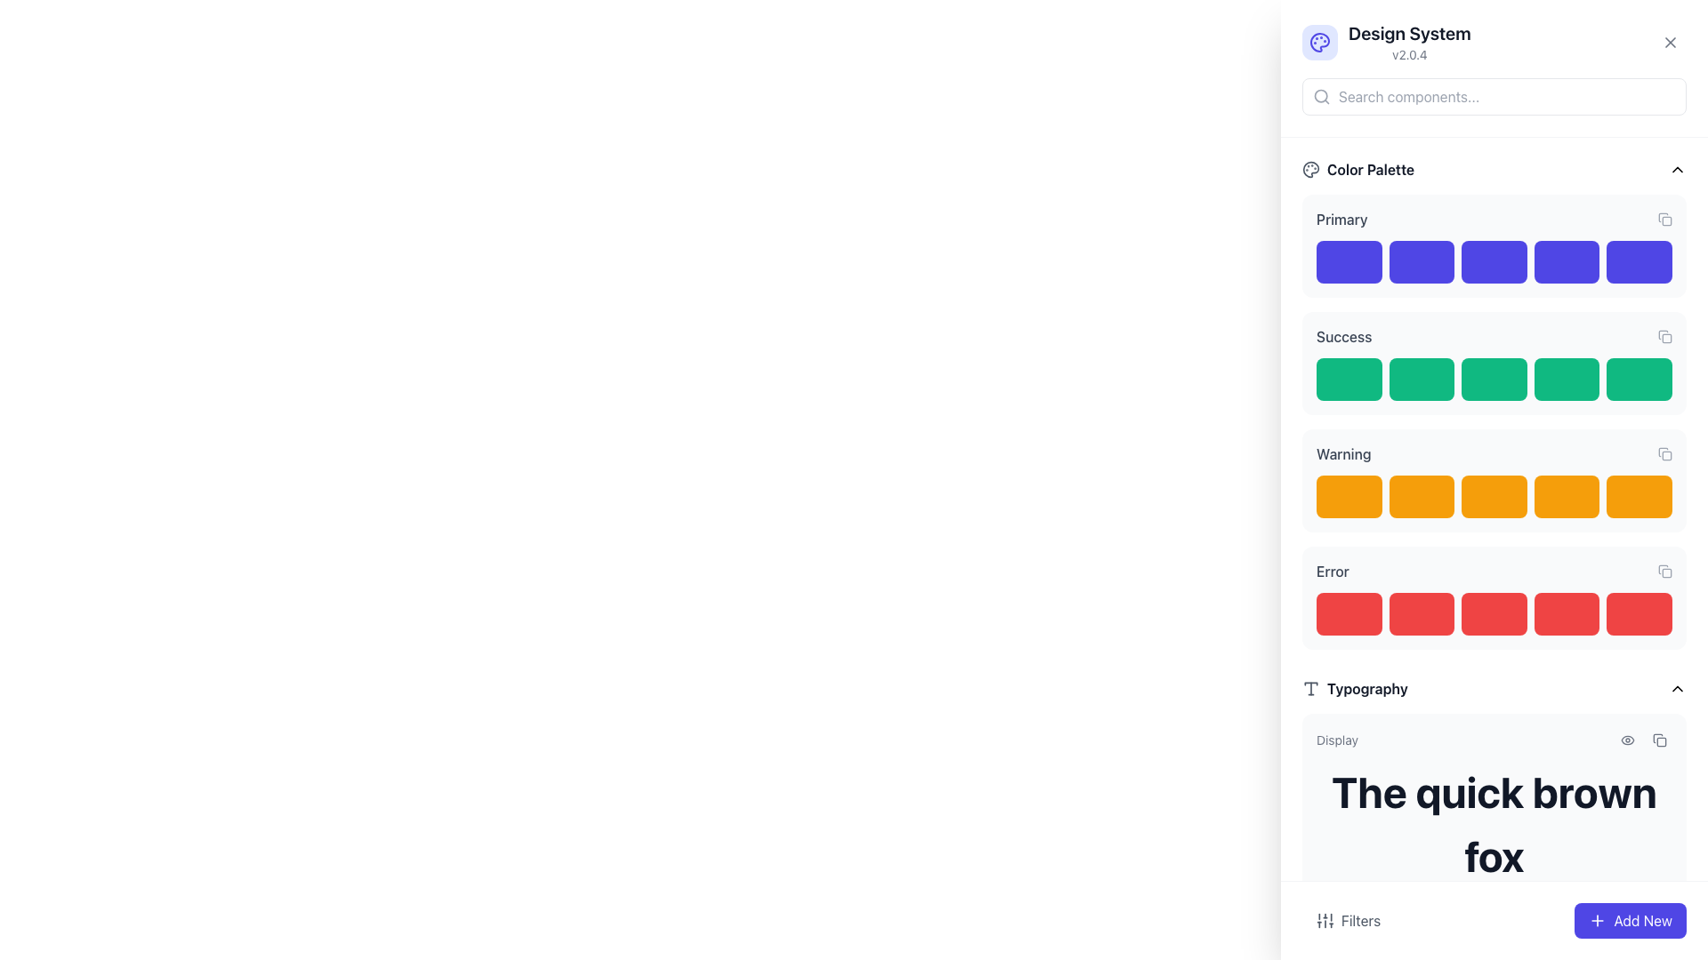 This screenshot has height=960, width=1708. What do you see at coordinates (1659, 941) in the screenshot?
I see `the small gray icon button resembling a copy action` at bounding box center [1659, 941].